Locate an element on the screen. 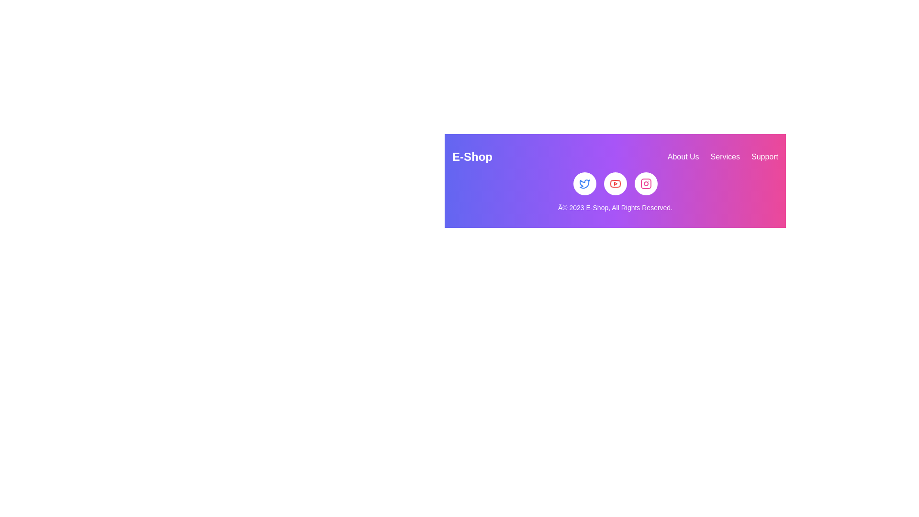 Image resolution: width=919 pixels, height=517 pixels. the third social media icon in the footer section is located at coordinates (646, 184).